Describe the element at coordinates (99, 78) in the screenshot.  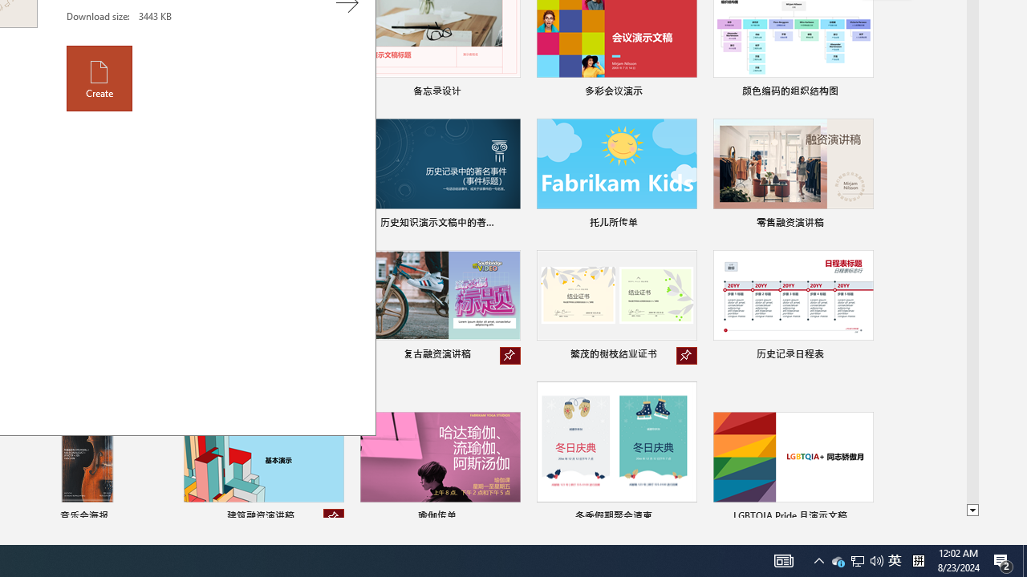
I see `'Create'` at that location.